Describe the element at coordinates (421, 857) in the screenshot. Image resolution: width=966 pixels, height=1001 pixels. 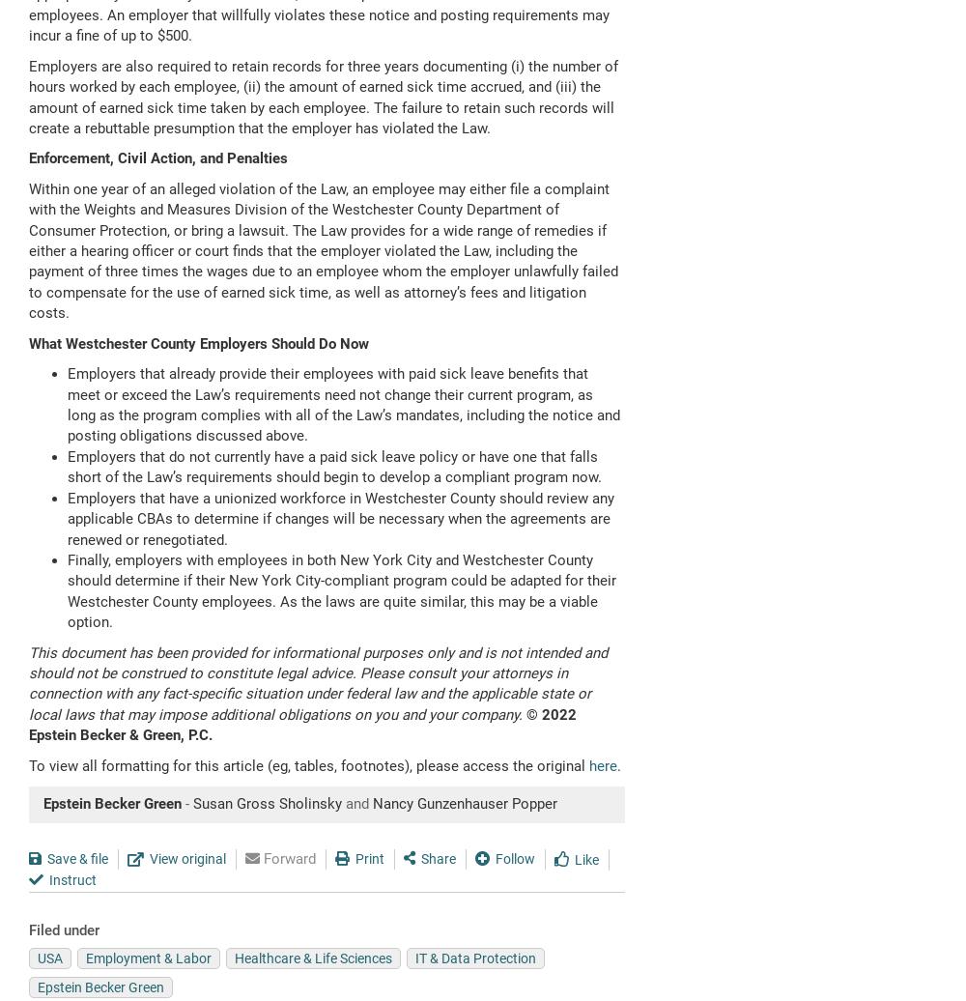
I see `'Share'` at that location.